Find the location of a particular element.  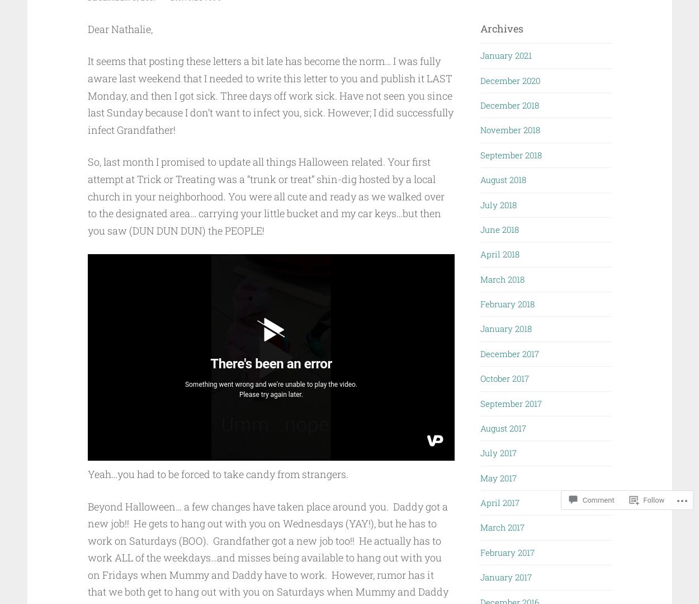

'Archives' is located at coordinates (502, 27).